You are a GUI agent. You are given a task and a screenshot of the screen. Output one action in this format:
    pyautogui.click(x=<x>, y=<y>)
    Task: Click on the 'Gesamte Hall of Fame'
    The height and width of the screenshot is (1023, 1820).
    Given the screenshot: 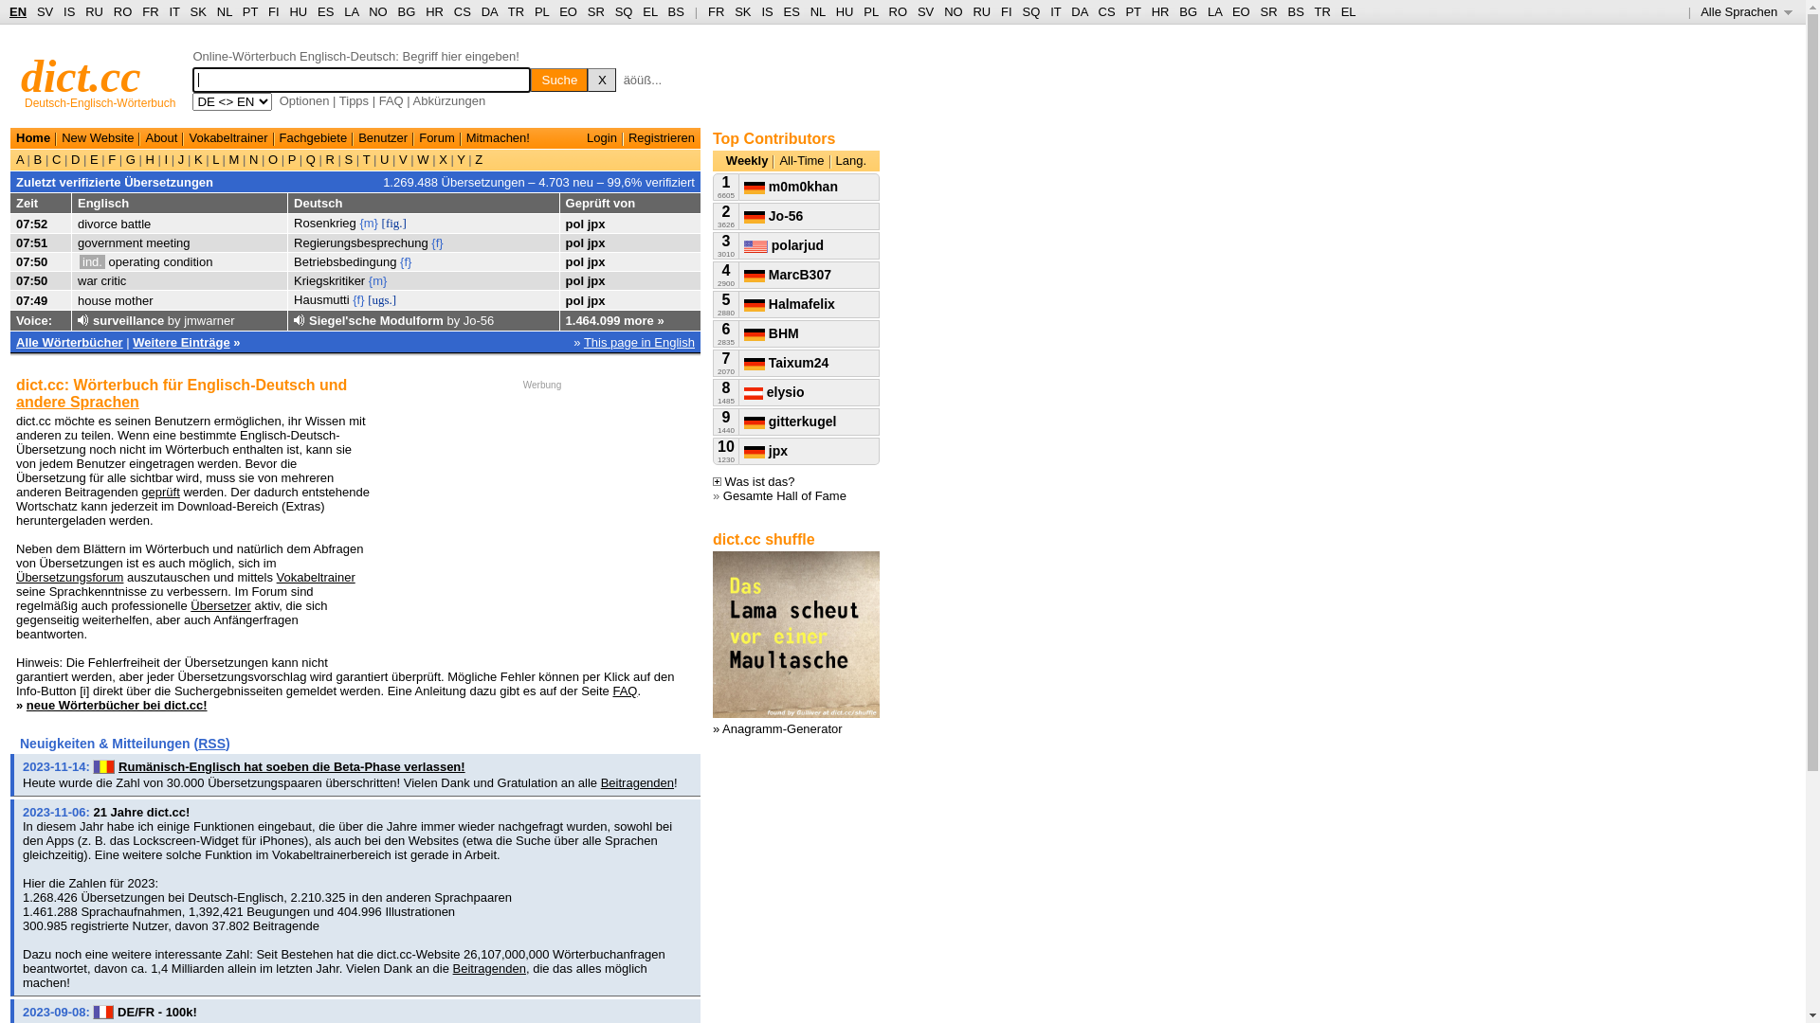 What is the action you would take?
    pyautogui.click(x=785, y=494)
    